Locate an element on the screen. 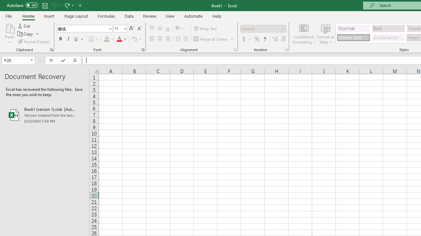 This screenshot has height=236, width=421. 'Bottom Border' is located at coordinates (91, 39).